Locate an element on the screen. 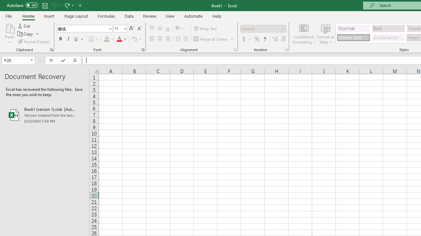 This screenshot has height=236, width=421. 'Bottom Border' is located at coordinates (91, 39).